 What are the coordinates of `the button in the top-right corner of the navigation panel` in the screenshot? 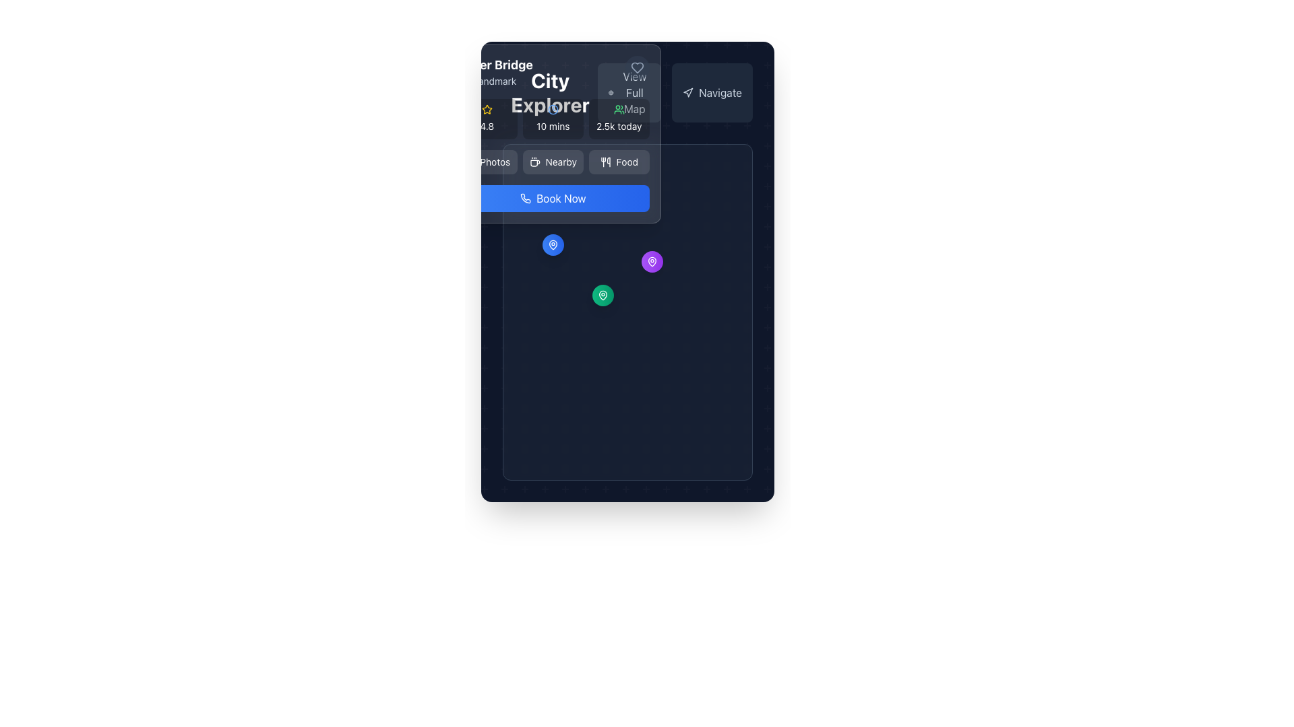 It's located at (634, 92).